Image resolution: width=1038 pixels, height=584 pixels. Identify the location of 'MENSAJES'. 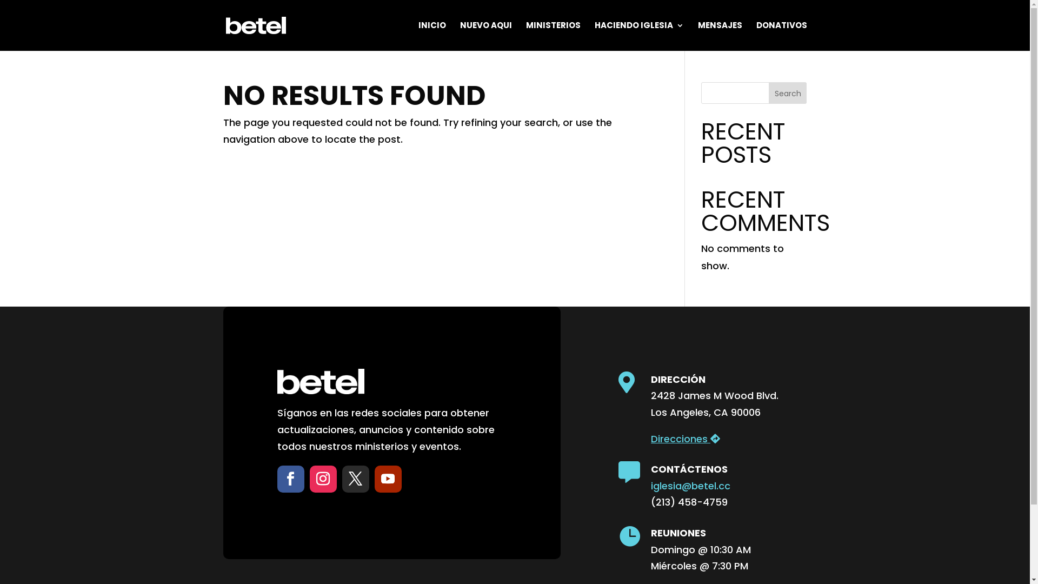
(719, 35).